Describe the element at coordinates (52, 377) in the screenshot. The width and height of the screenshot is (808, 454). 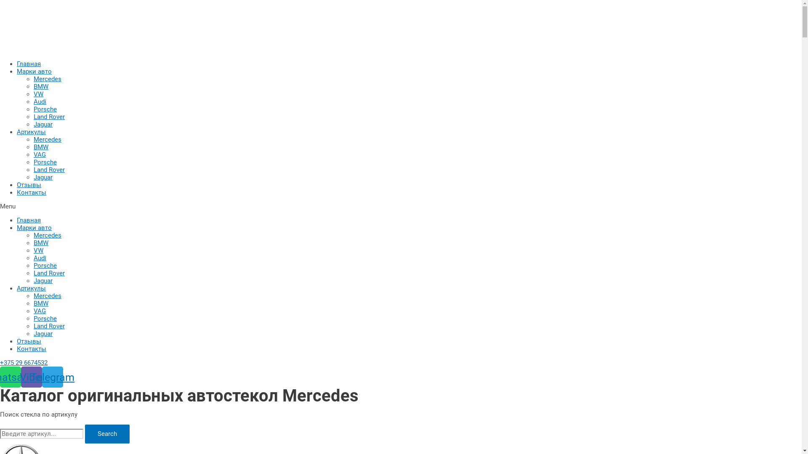
I see `'Telegram'` at that location.